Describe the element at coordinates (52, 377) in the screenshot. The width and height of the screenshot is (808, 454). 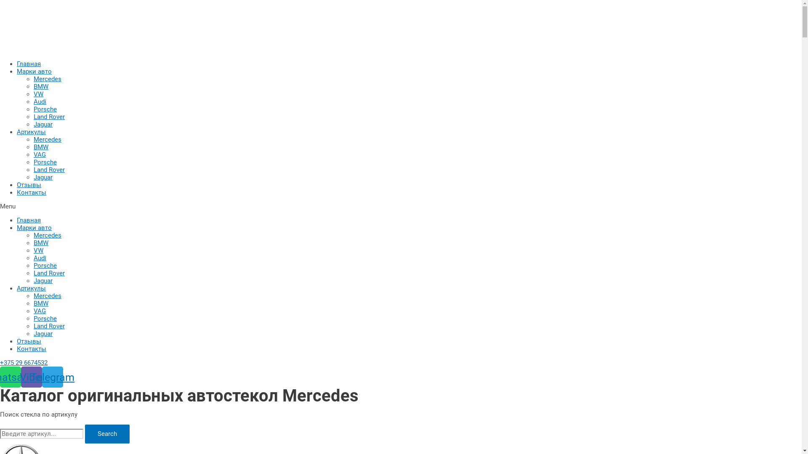
I see `'Telegram'` at that location.